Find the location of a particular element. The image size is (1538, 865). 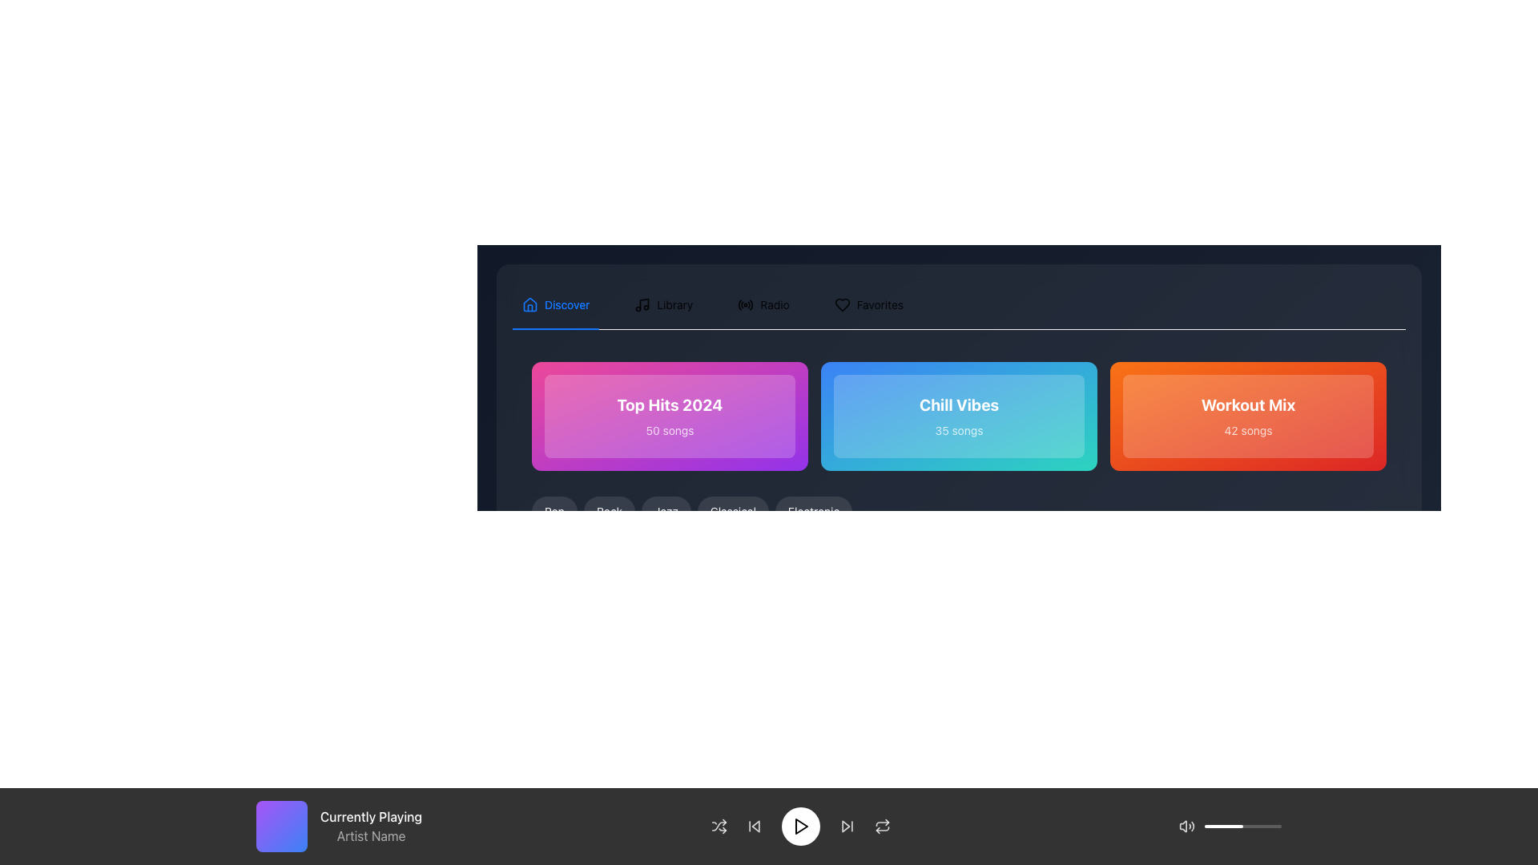

the title text of the playlist card located in the leftmost position, which is positioned above the text '50 songs' is located at coordinates (670, 404).